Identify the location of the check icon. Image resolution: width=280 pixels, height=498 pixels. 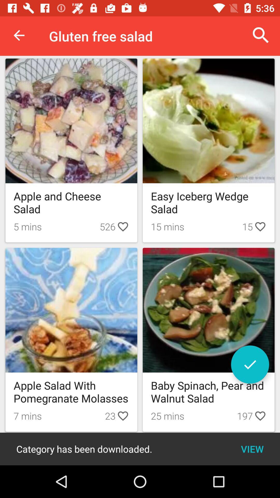
(250, 364).